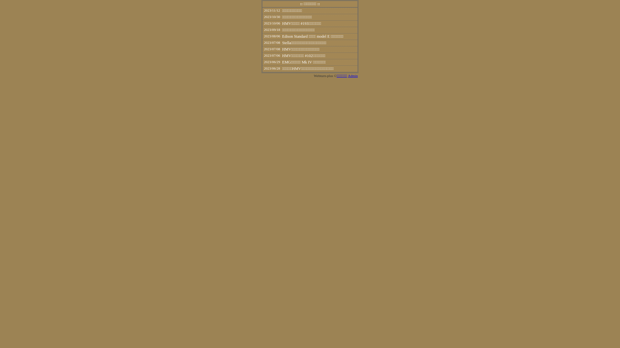  What do you see at coordinates (347, 75) in the screenshot?
I see `'Admin'` at bounding box center [347, 75].